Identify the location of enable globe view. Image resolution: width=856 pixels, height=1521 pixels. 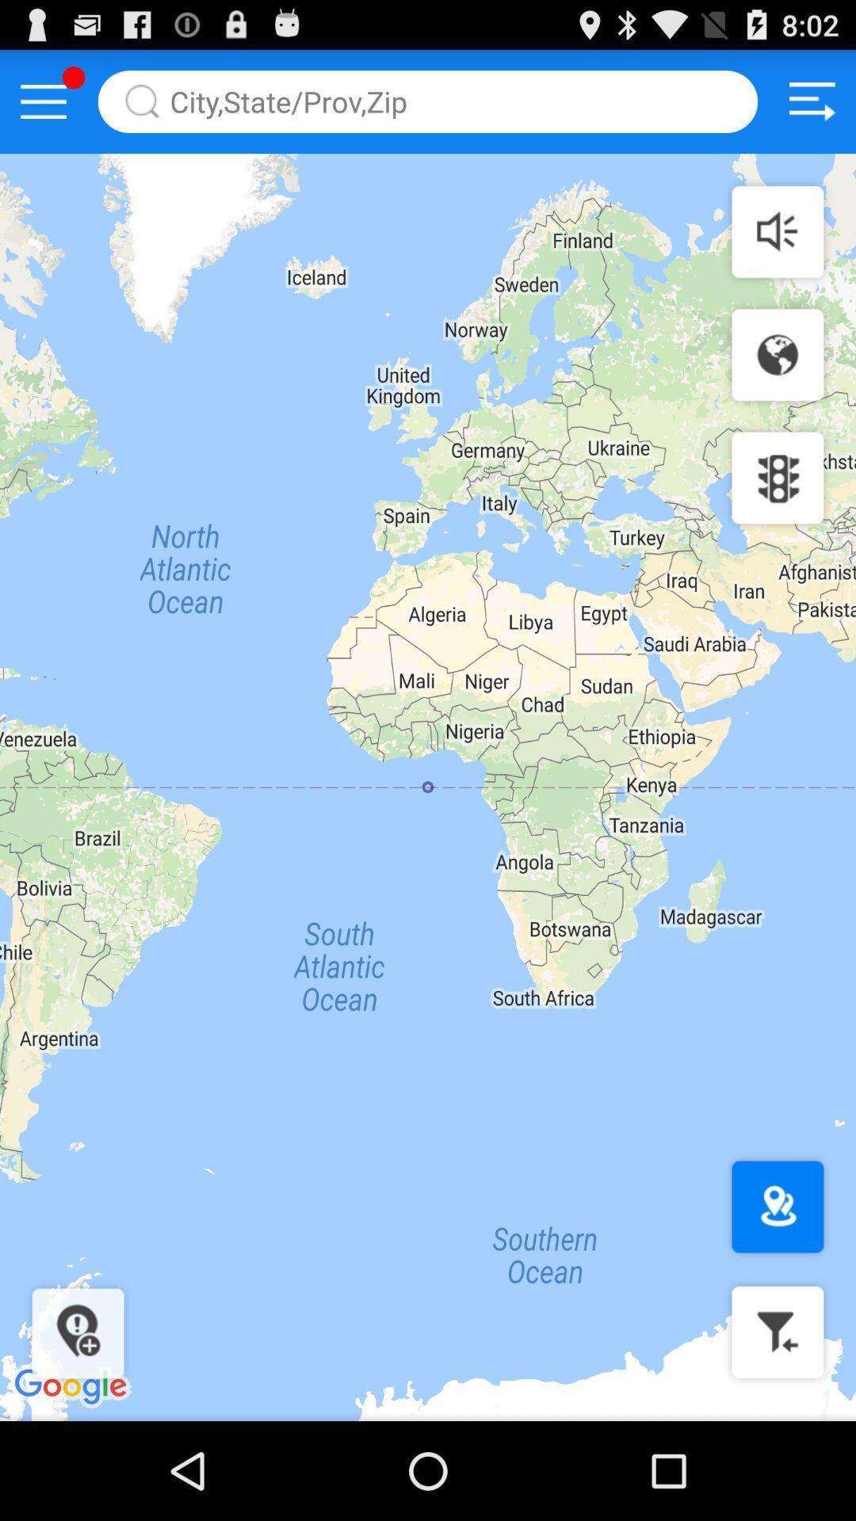
(777, 354).